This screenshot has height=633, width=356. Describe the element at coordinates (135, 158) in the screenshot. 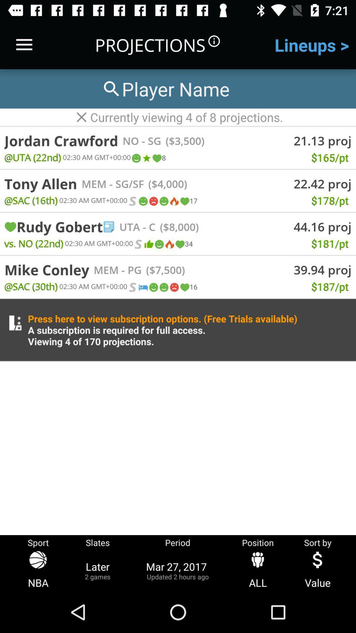

I see `icon next to the 02 30 am item` at that location.